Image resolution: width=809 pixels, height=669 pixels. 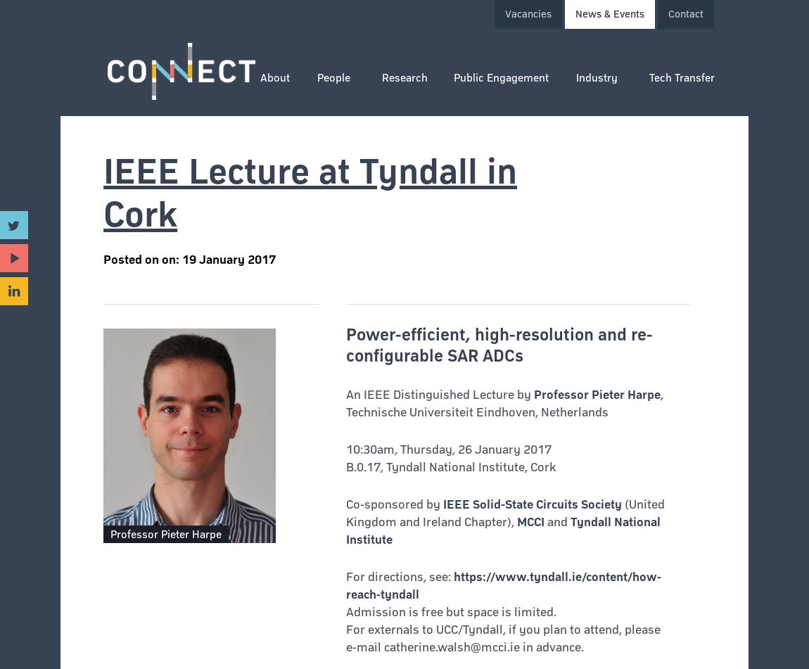 I want to click on 'Research', so click(x=404, y=77).